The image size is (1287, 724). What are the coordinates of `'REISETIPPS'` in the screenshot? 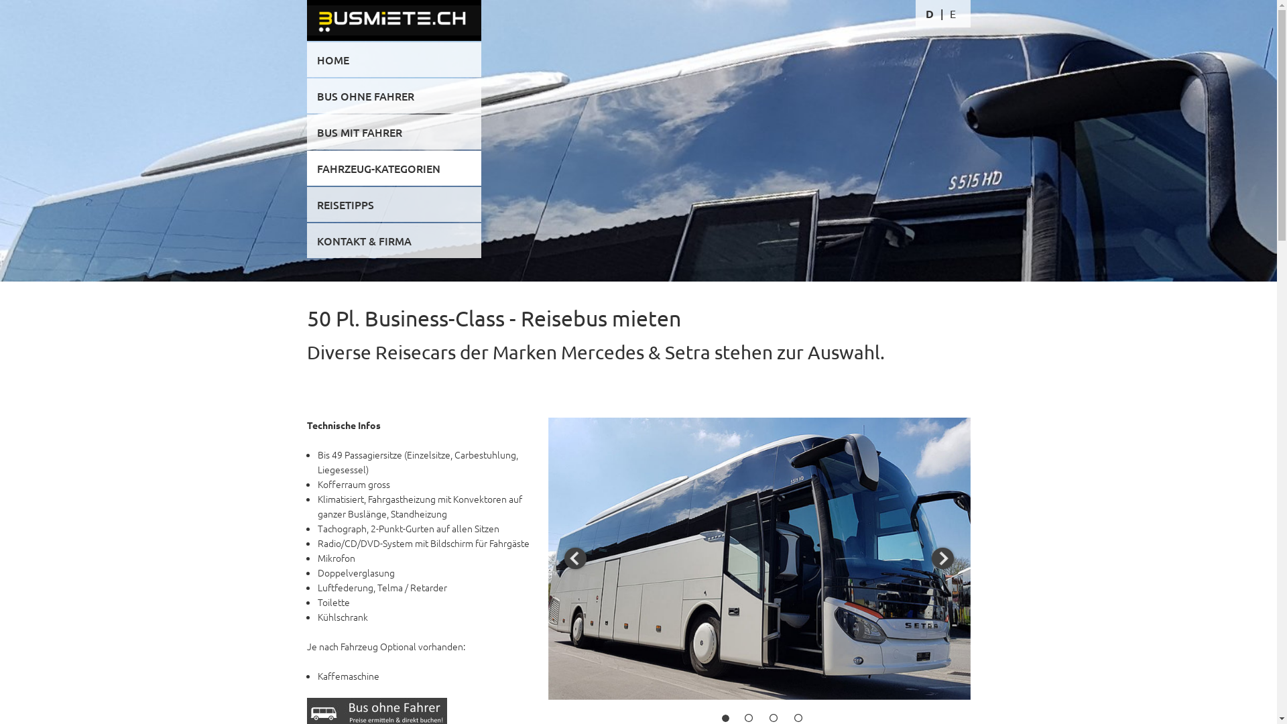 It's located at (306, 204).